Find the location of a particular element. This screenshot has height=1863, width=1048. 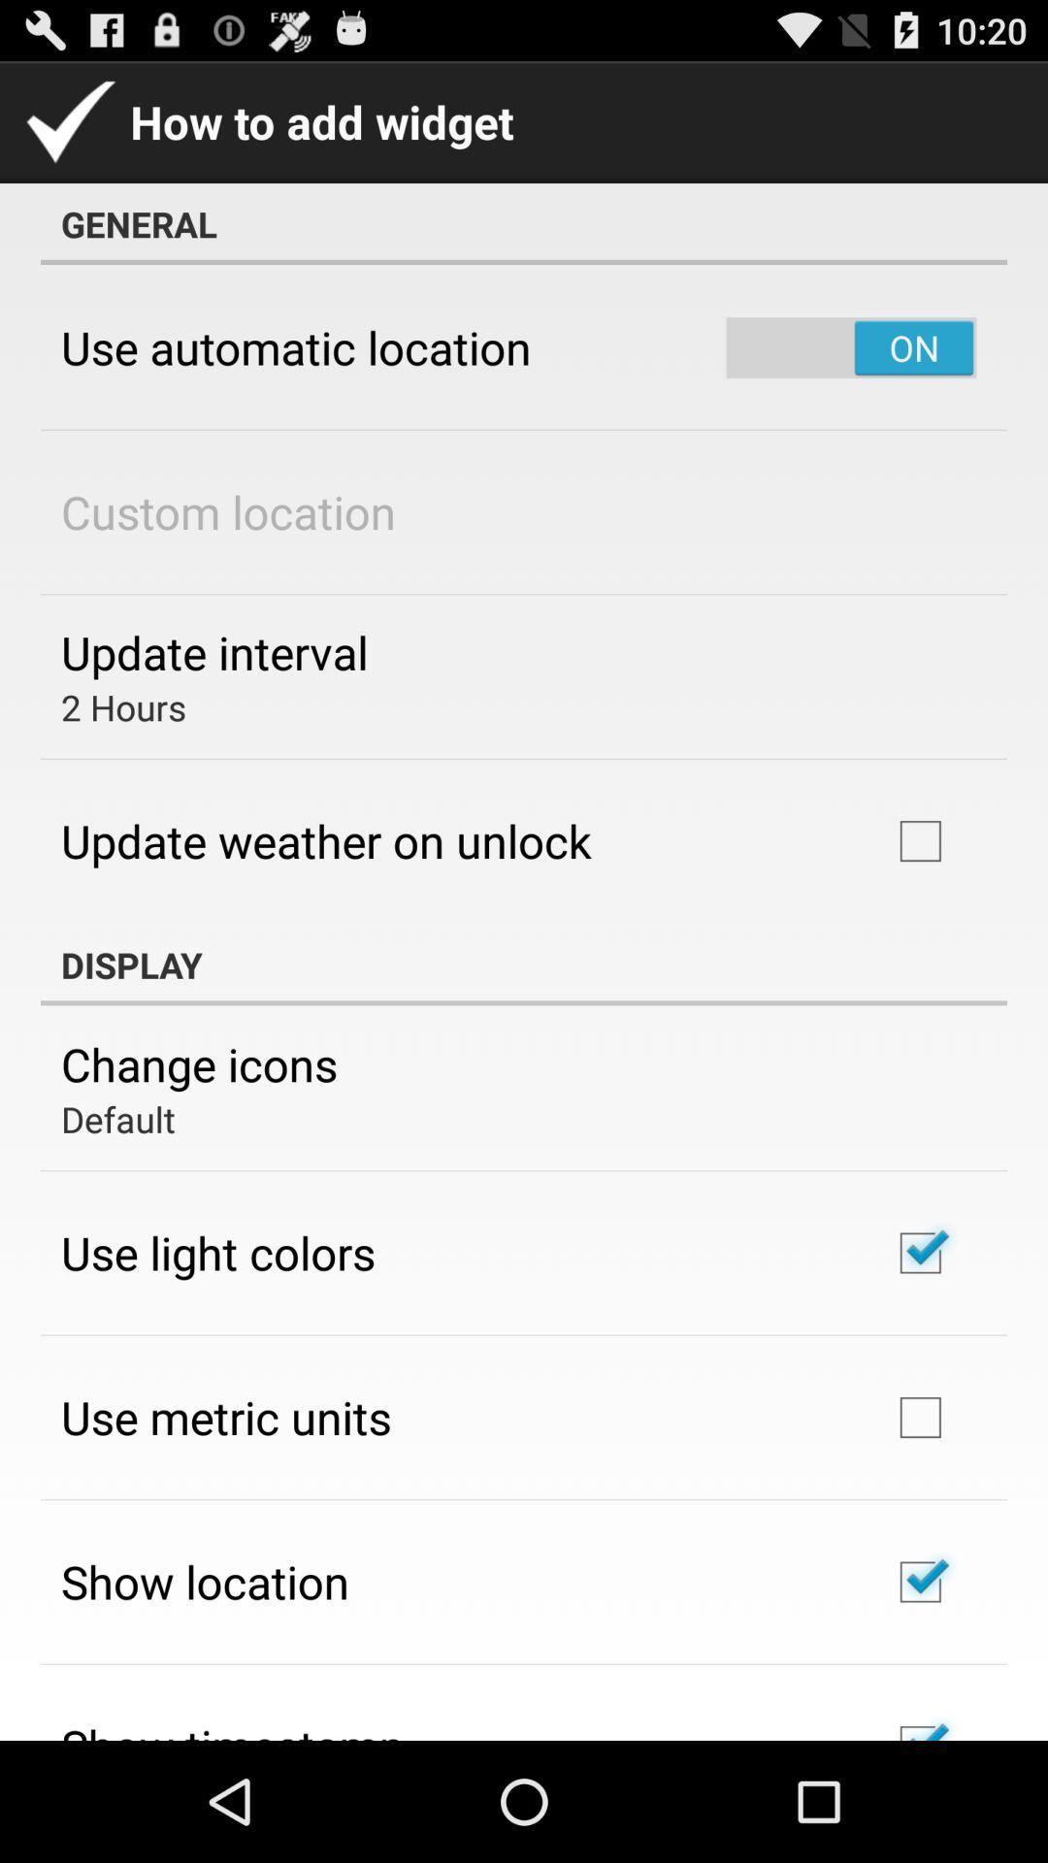

custom location item is located at coordinates (227, 511).